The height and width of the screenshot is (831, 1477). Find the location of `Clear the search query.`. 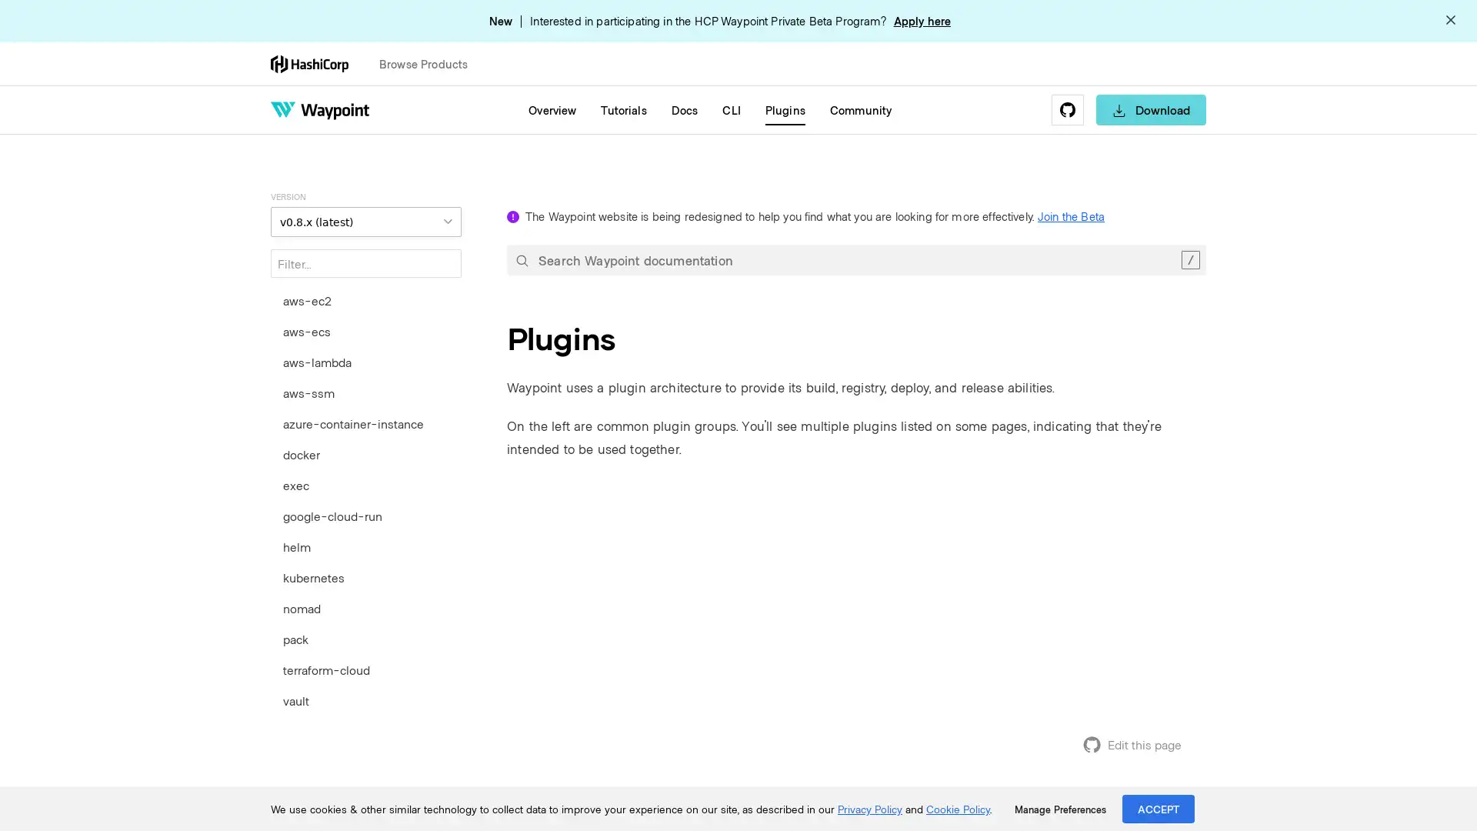

Clear the search query. is located at coordinates (1189, 259).